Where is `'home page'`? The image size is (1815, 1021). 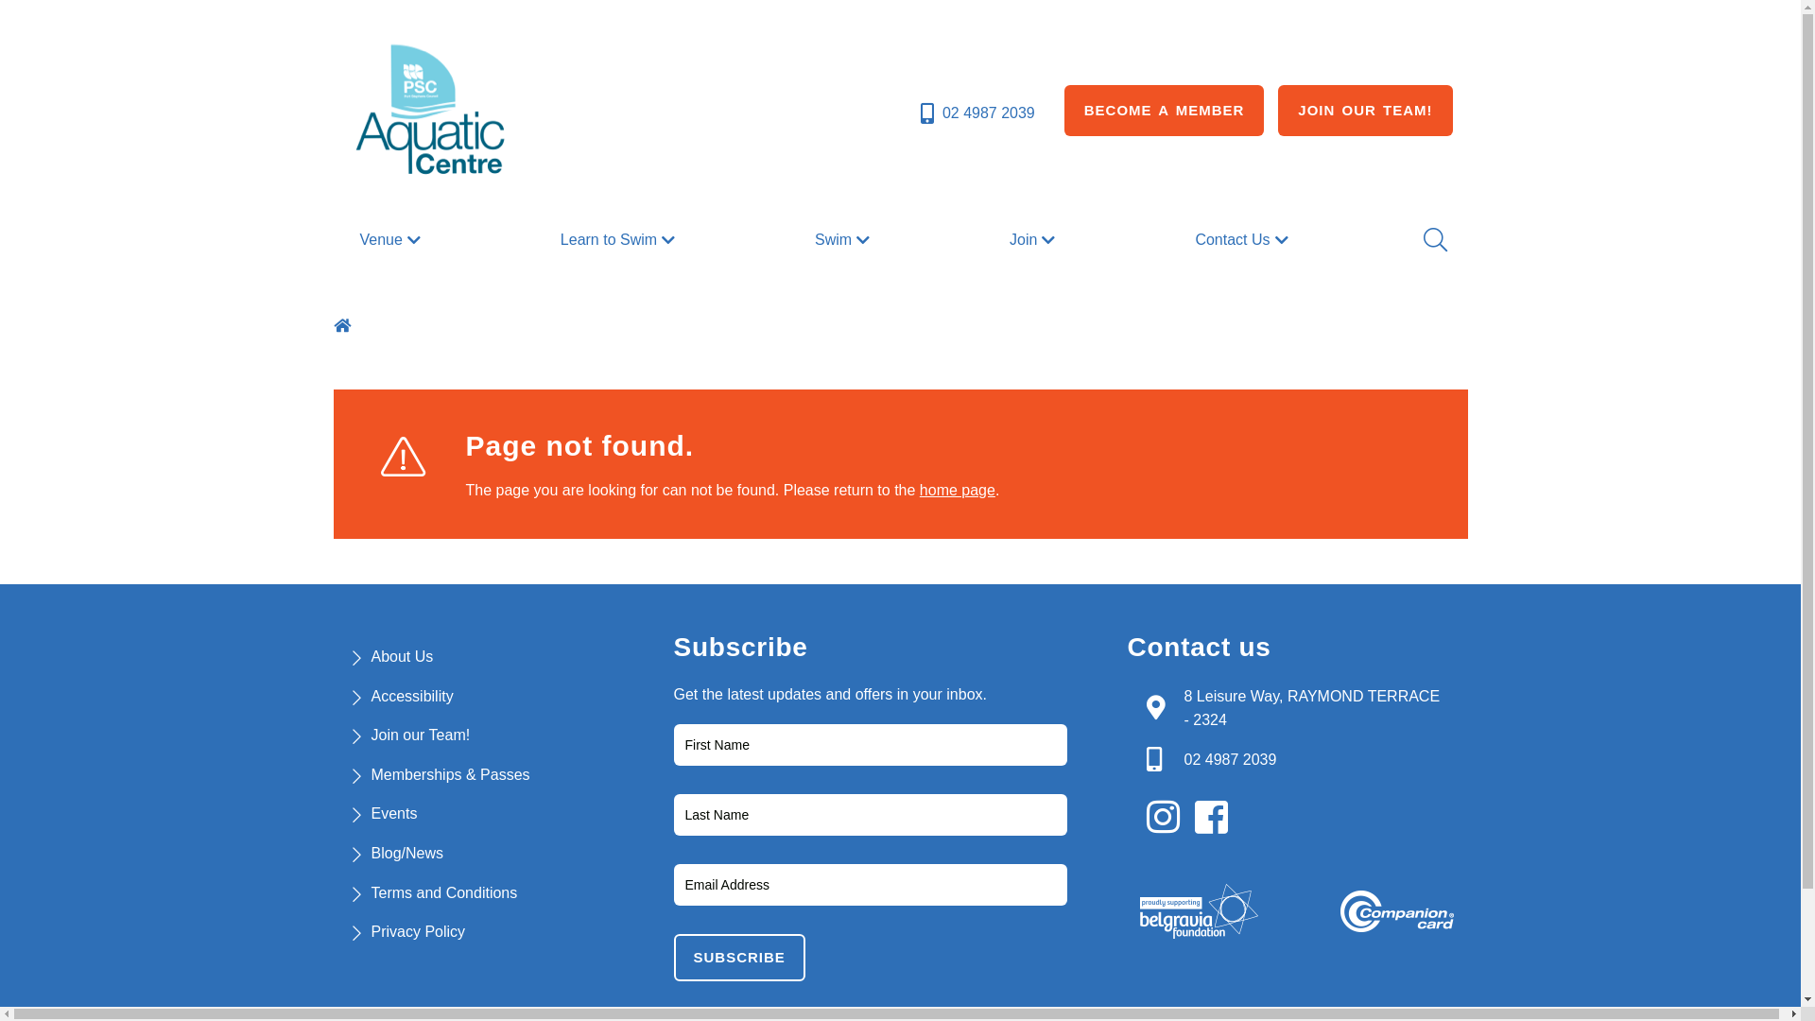
'home page' is located at coordinates (957, 489).